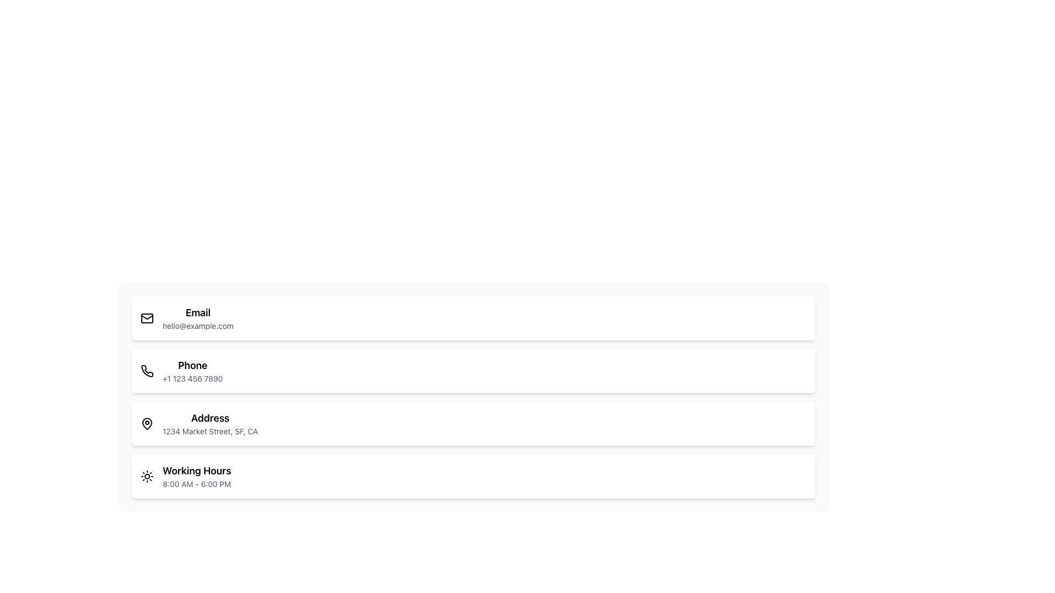  I want to click on text content of the 'Address' label that categorizes the user's address, located in the third row of the contact information list, so click(210, 418).